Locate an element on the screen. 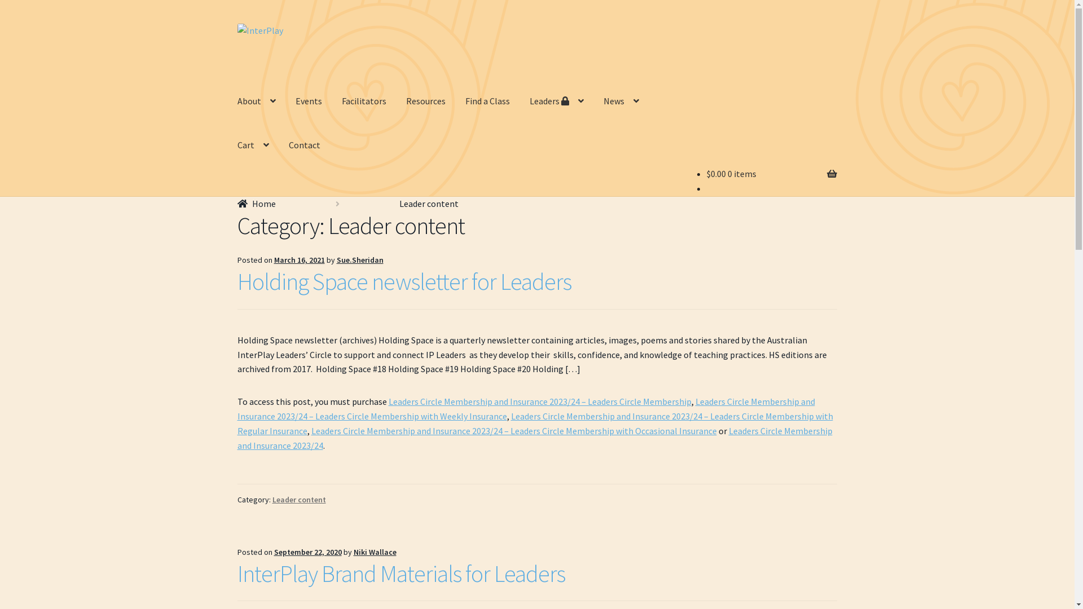 Image resolution: width=1083 pixels, height=609 pixels. 'March 16, 2021' is located at coordinates (300, 260).